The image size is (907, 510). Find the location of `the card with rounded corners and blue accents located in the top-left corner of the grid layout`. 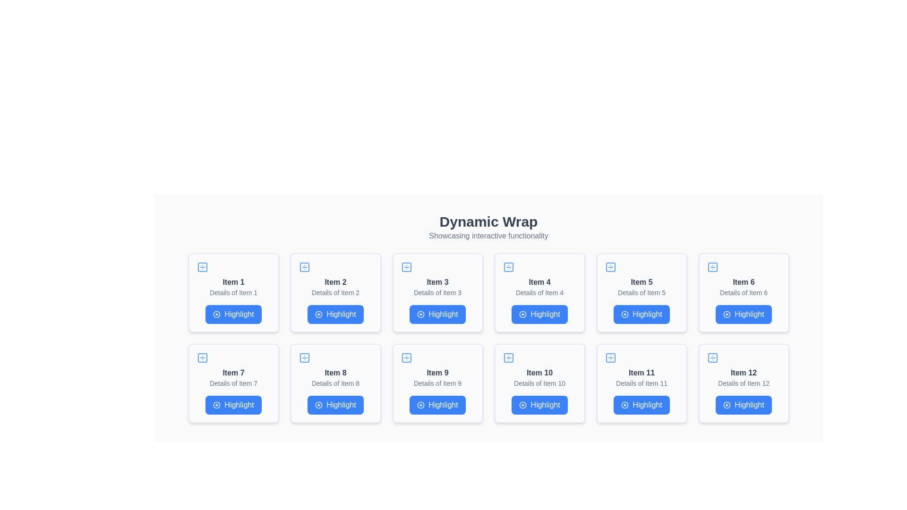

the card with rounded corners and blue accents located in the top-left corner of the grid layout is located at coordinates (233, 292).